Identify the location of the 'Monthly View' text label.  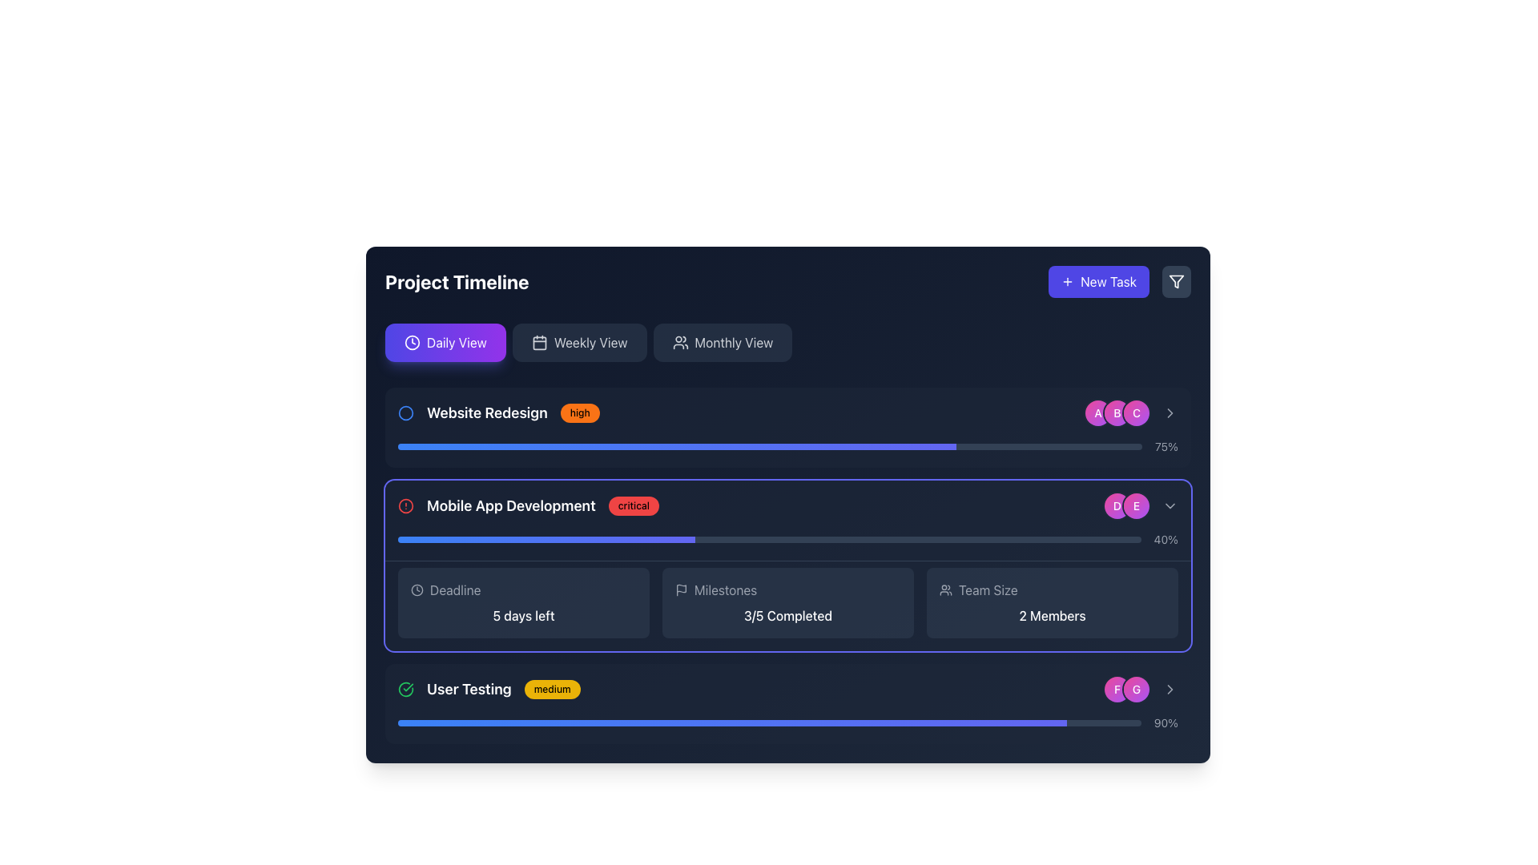
(733, 342).